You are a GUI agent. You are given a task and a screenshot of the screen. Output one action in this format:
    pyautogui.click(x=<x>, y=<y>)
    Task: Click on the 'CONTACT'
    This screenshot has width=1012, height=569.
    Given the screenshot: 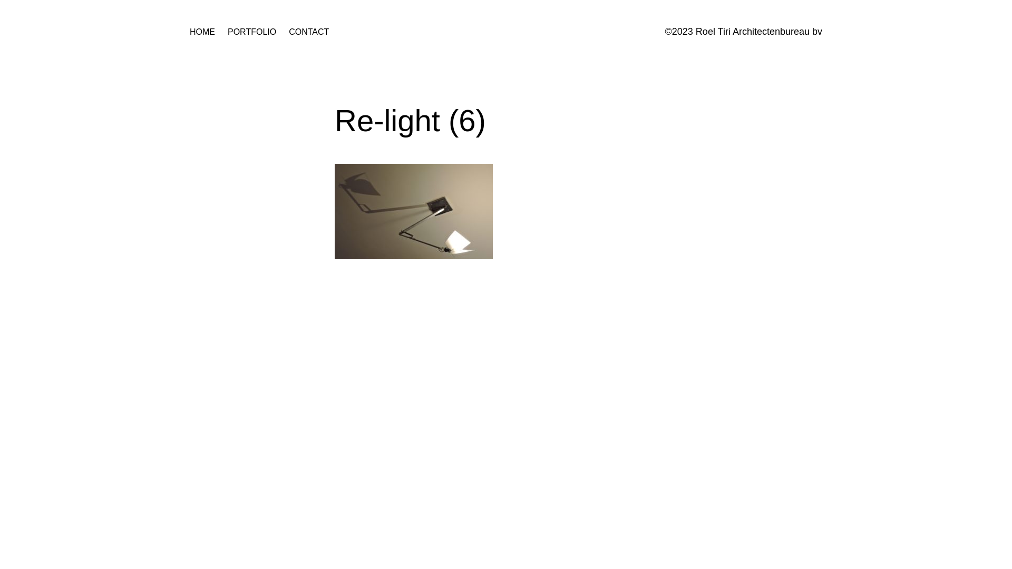 What is the action you would take?
    pyautogui.click(x=288, y=32)
    